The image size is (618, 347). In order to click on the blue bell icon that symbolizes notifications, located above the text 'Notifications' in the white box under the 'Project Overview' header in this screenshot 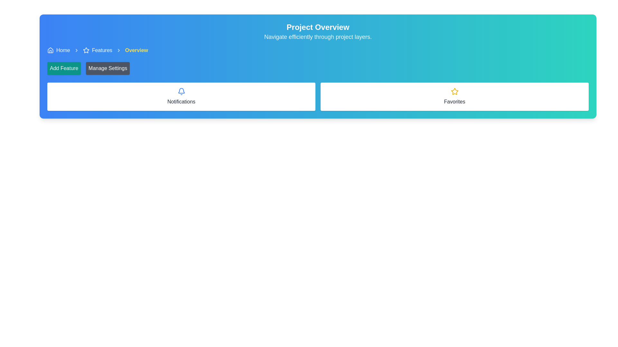, I will do `click(181, 92)`.